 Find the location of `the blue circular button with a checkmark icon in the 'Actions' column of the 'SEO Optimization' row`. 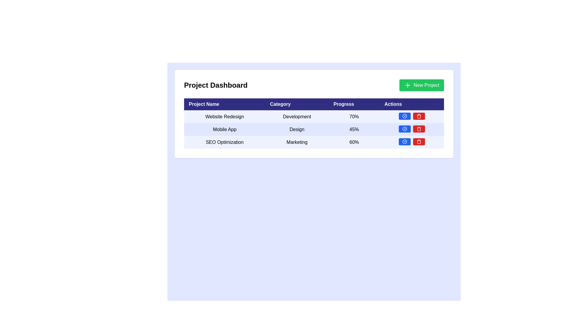

the blue circular button with a checkmark icon in the 'Actions' column of the 'SEO Optimization' row is located at coordinates (404, 142).